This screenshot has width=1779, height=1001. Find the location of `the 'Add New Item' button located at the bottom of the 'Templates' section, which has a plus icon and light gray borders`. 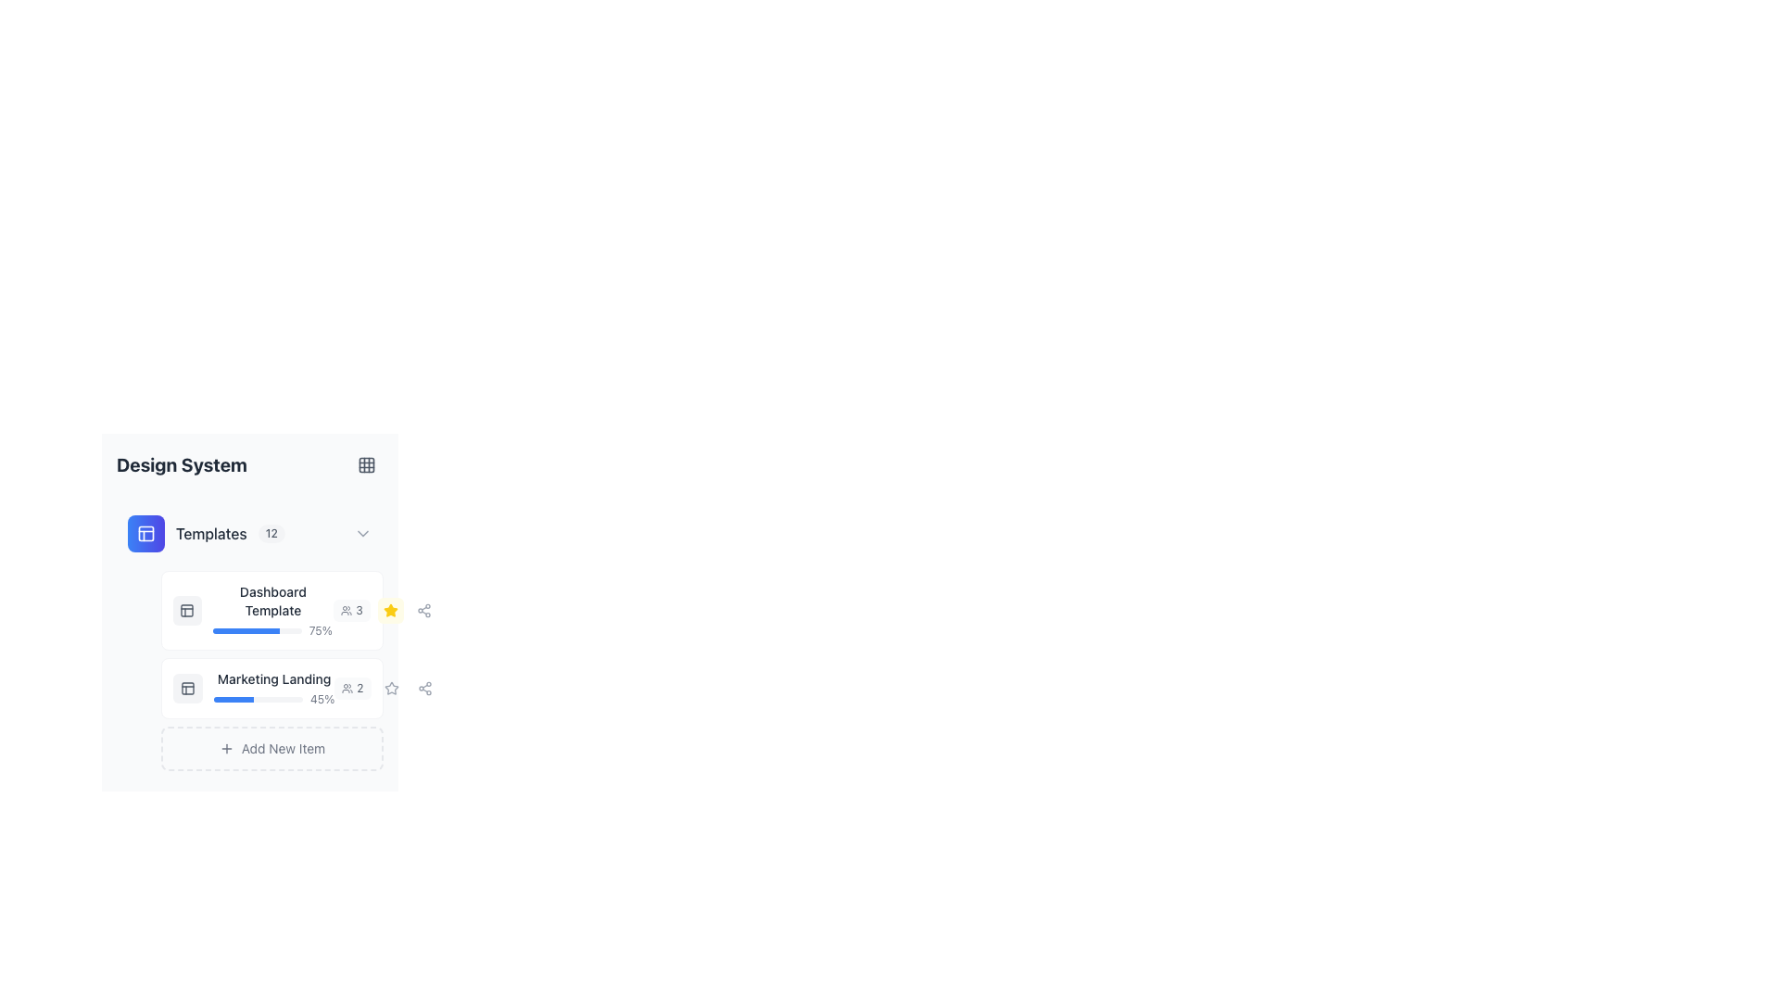

the 'Add New Item' button located at the bottom of the 'Templates' section, which has a plus icon and light gray borders is located at coordinates (271, 747).